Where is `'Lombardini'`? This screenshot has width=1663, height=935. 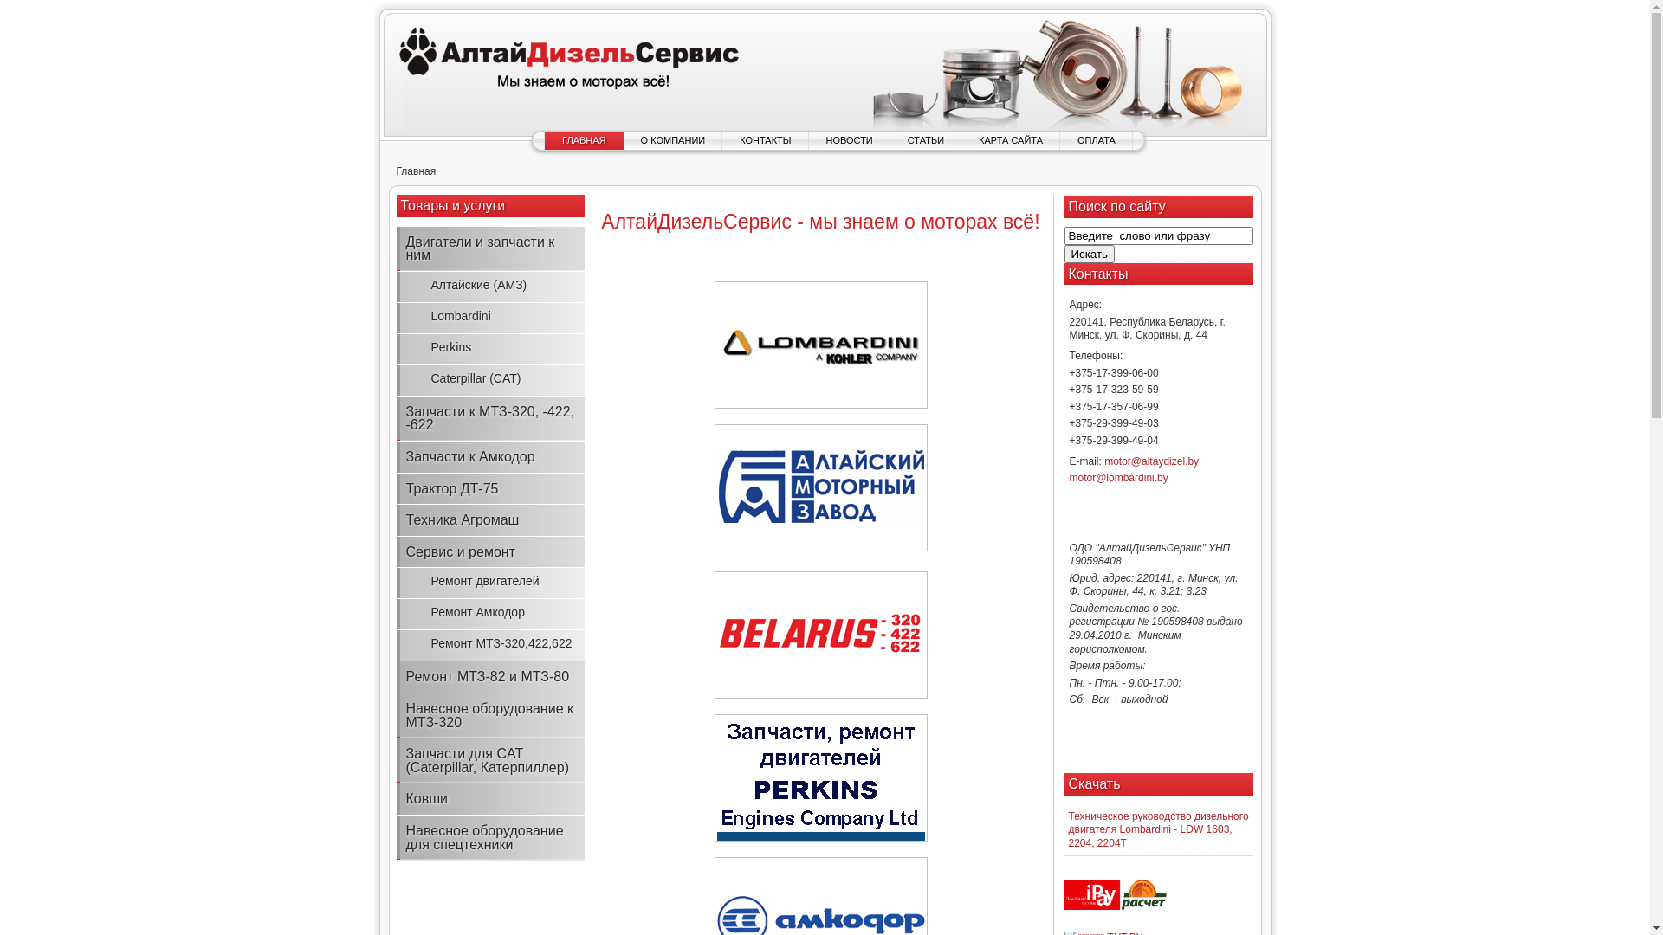
'Lombardini' is located at coordinates (489, 317).